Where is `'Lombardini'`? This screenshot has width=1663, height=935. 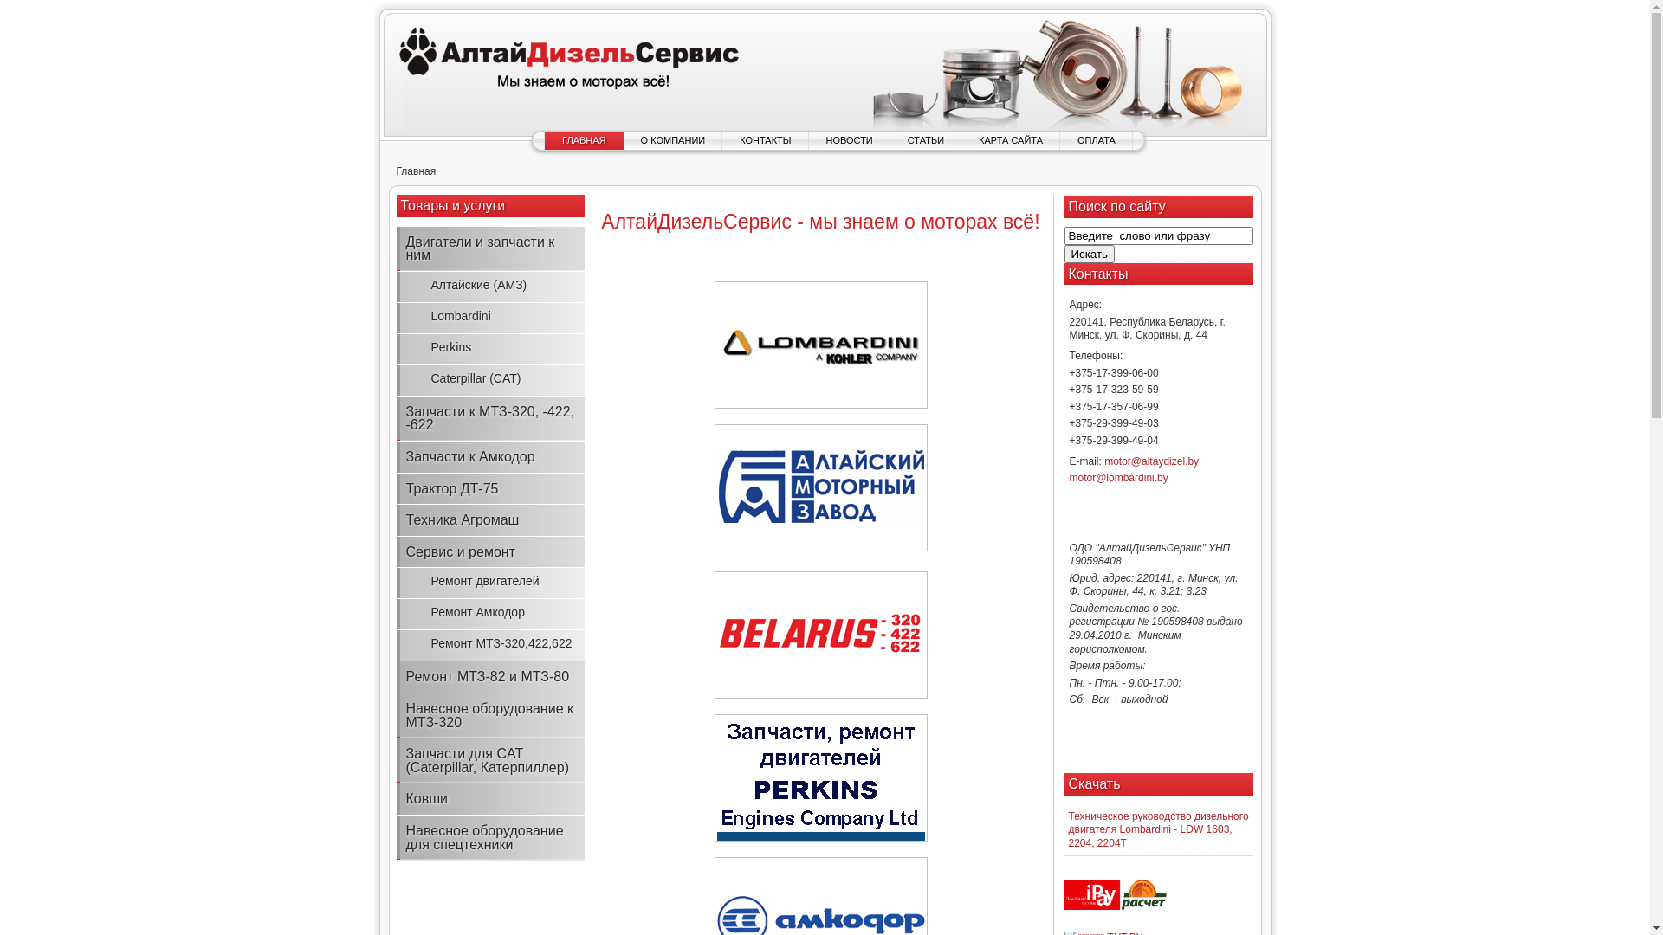
'Lombardini' is located at coordinates (489, 317).